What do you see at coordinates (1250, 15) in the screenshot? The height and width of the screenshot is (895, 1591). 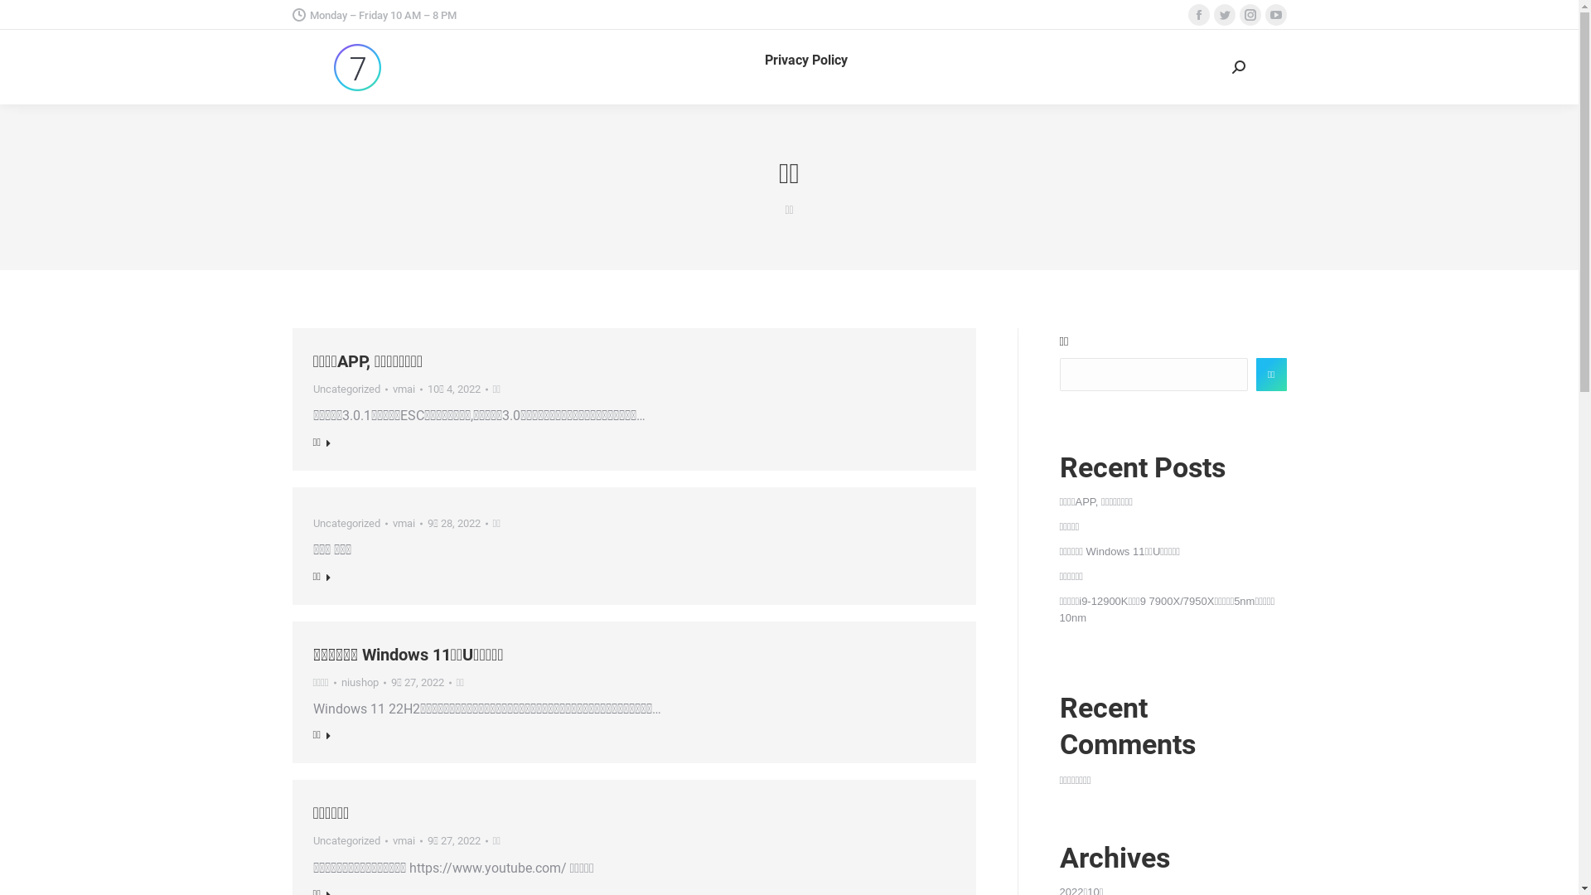 I see `'Instagram page opens in new window'` at bounding box center [1250, 15].